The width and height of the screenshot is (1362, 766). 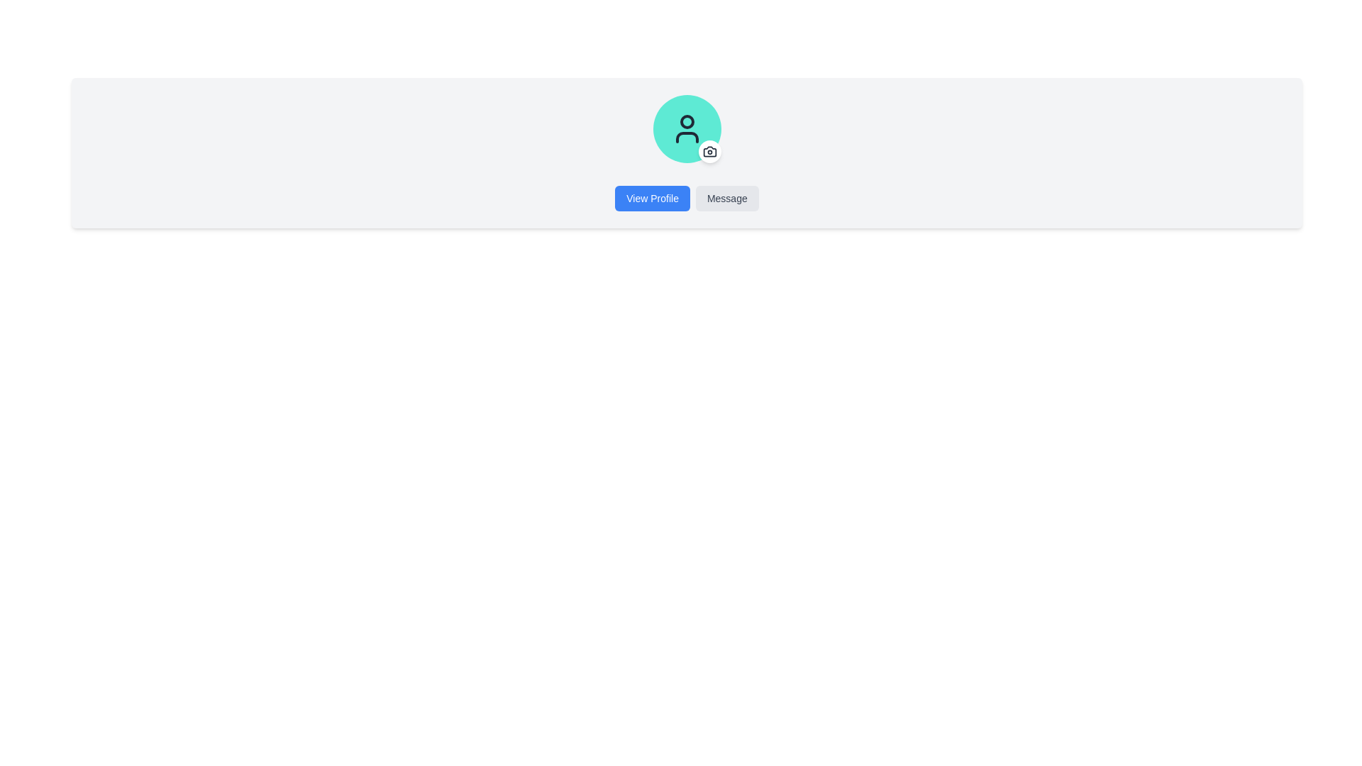 What do you see at coordinates (727, 199) in the screenshot?
I see `the 'Message' button, which is a rectangular button with rounded corners, located to the right of the 'View Profile' button, to initiate messaging` at bounding box center [727, 199].